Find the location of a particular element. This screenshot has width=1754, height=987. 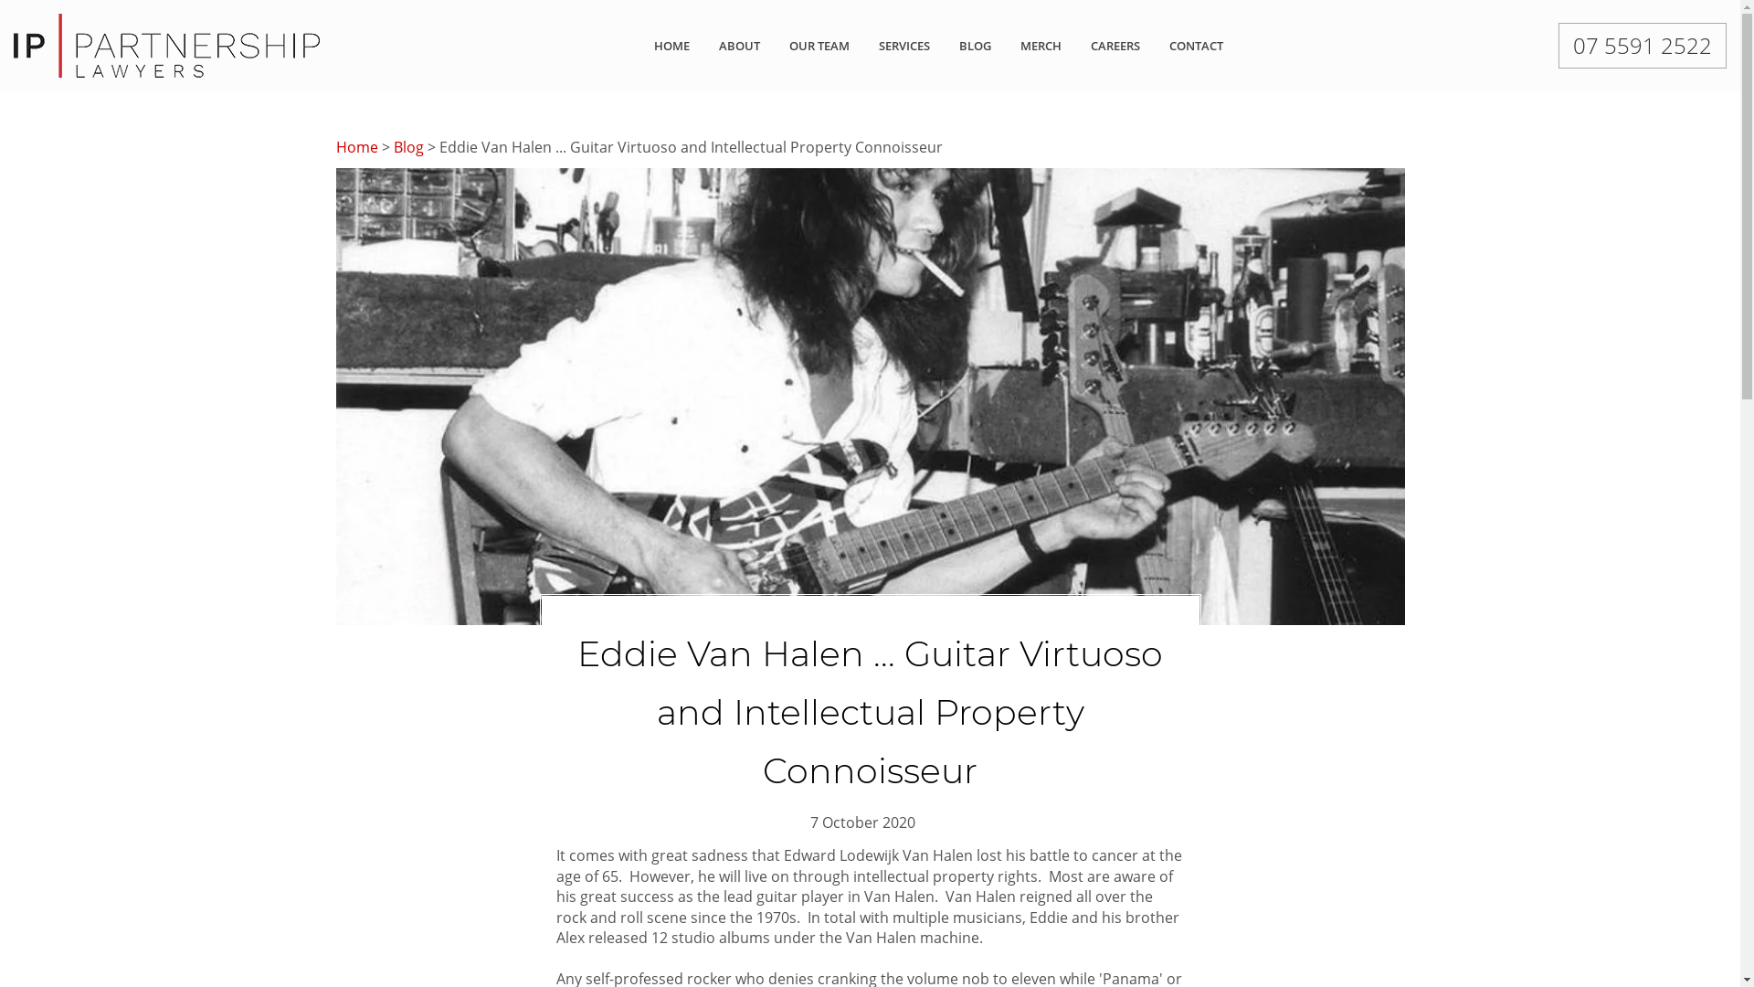

'BLOG' is located at coordinates (974, 45).